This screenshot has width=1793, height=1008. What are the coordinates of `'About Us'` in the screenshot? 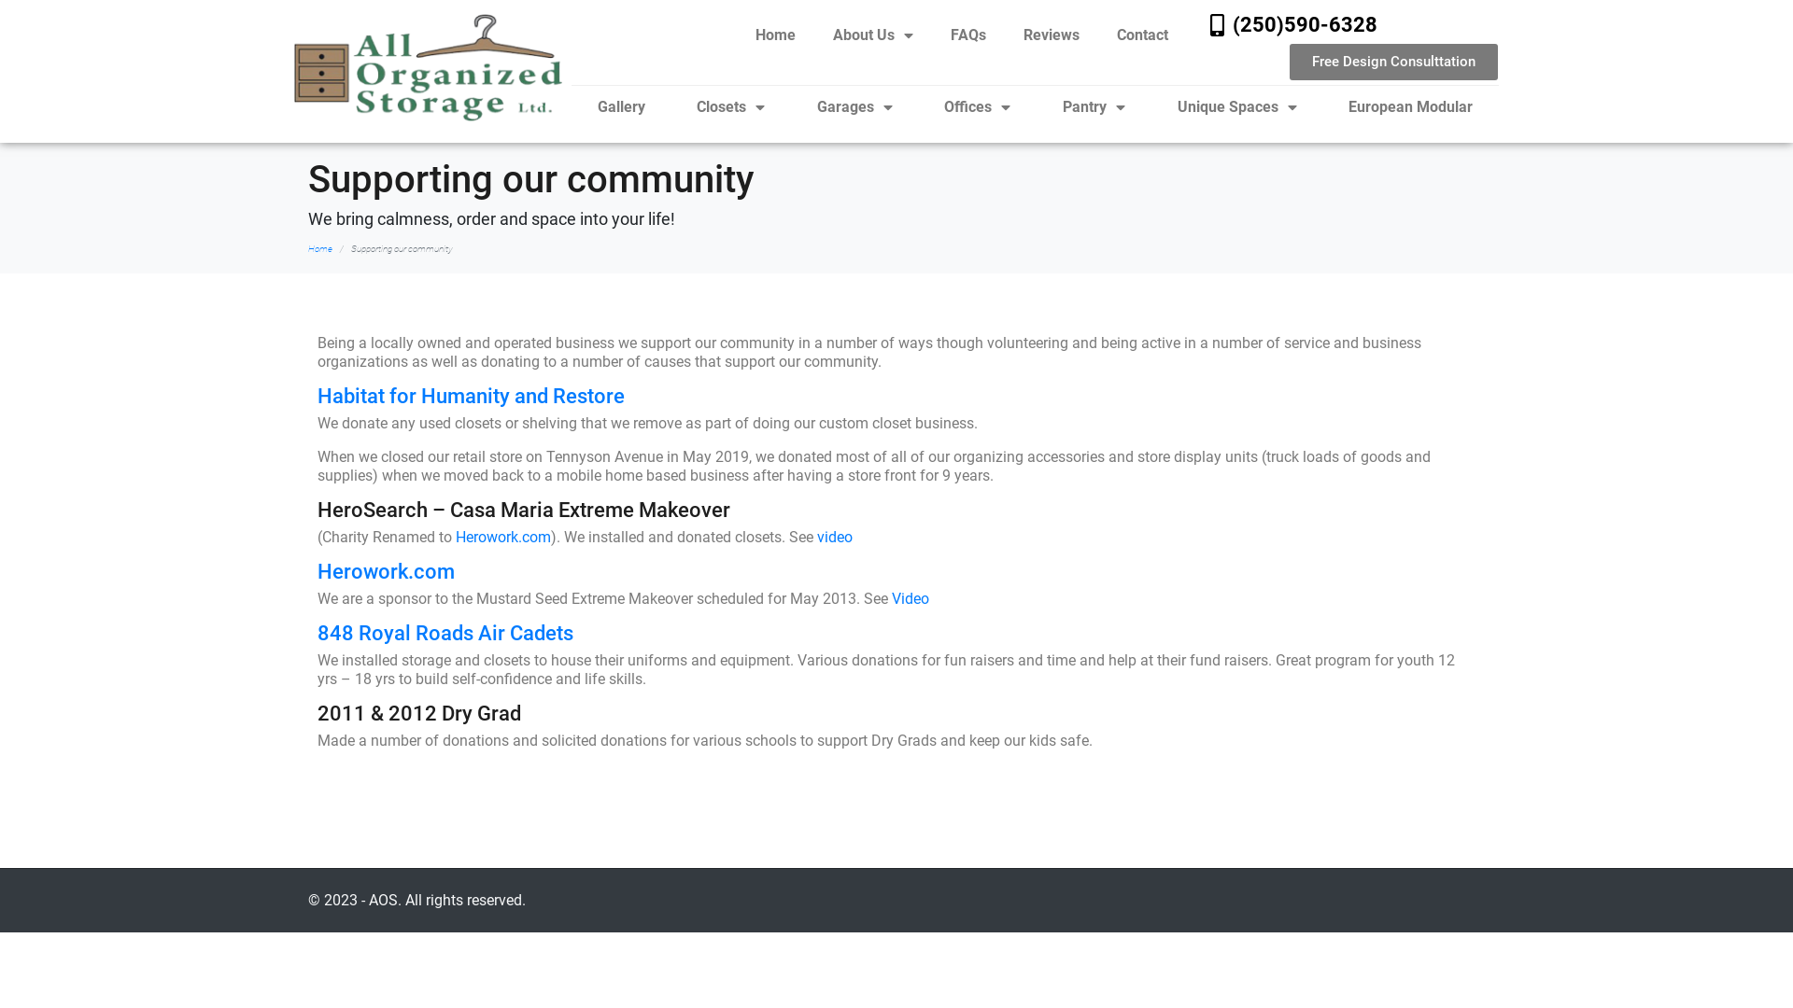 It's located at (872, 35).